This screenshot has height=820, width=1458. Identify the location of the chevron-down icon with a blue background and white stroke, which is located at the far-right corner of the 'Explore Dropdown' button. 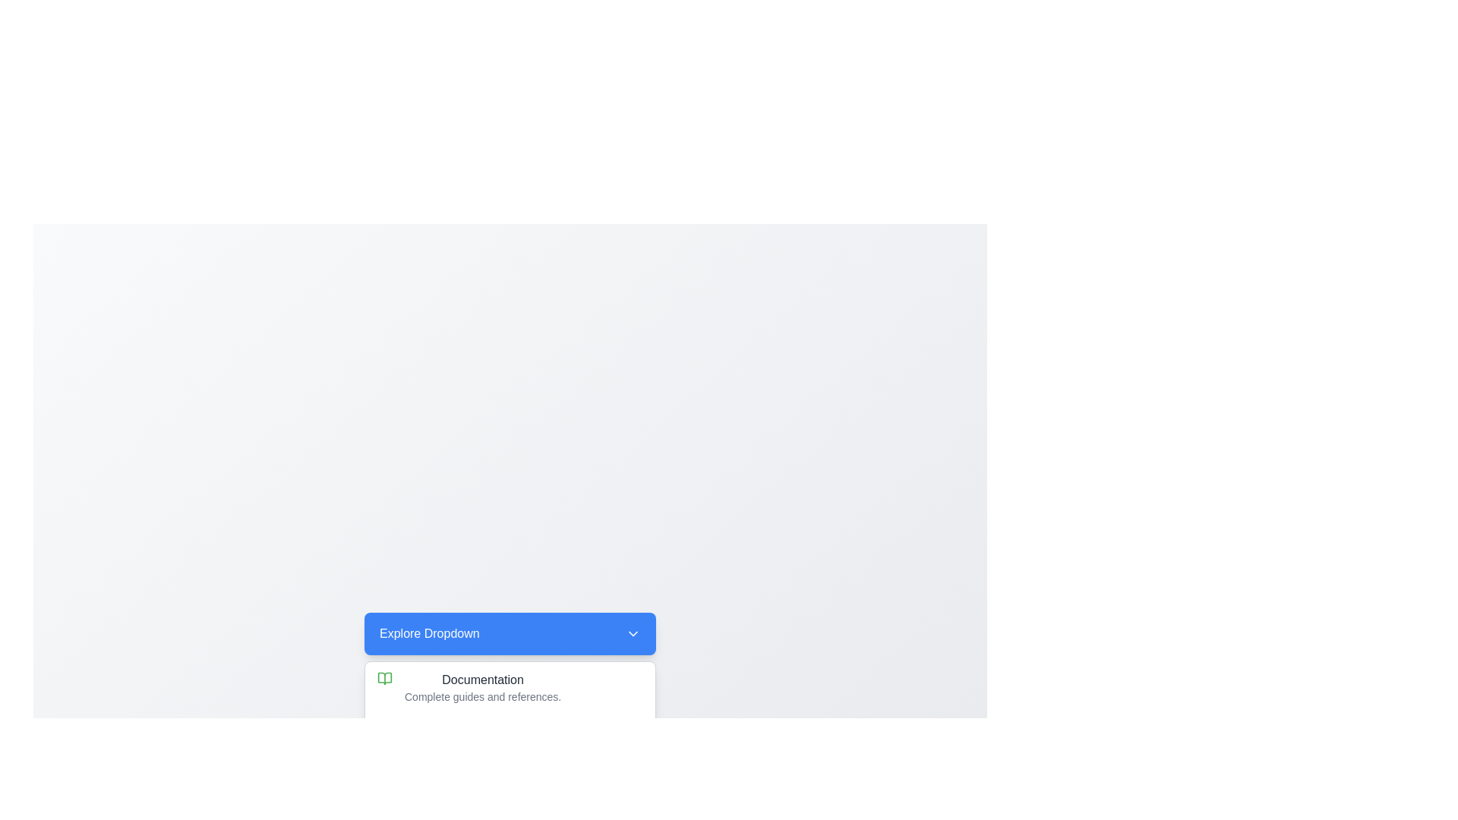
(633, 633).